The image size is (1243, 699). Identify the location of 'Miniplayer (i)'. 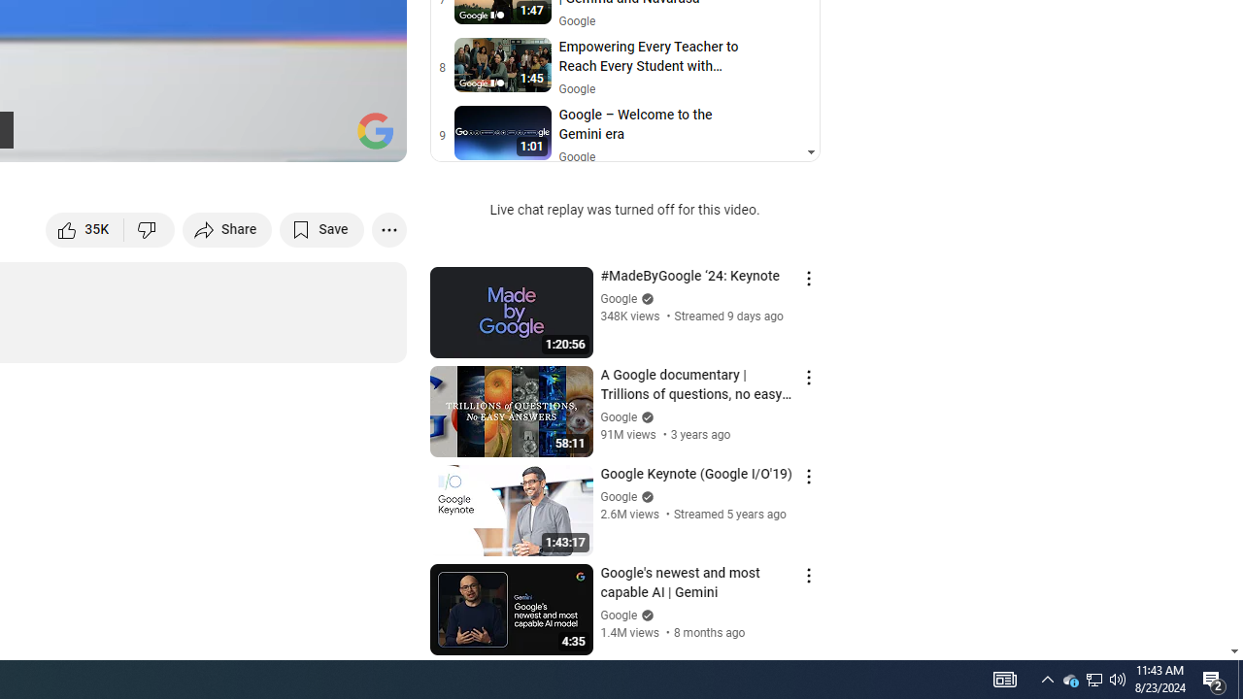
(277, 137).